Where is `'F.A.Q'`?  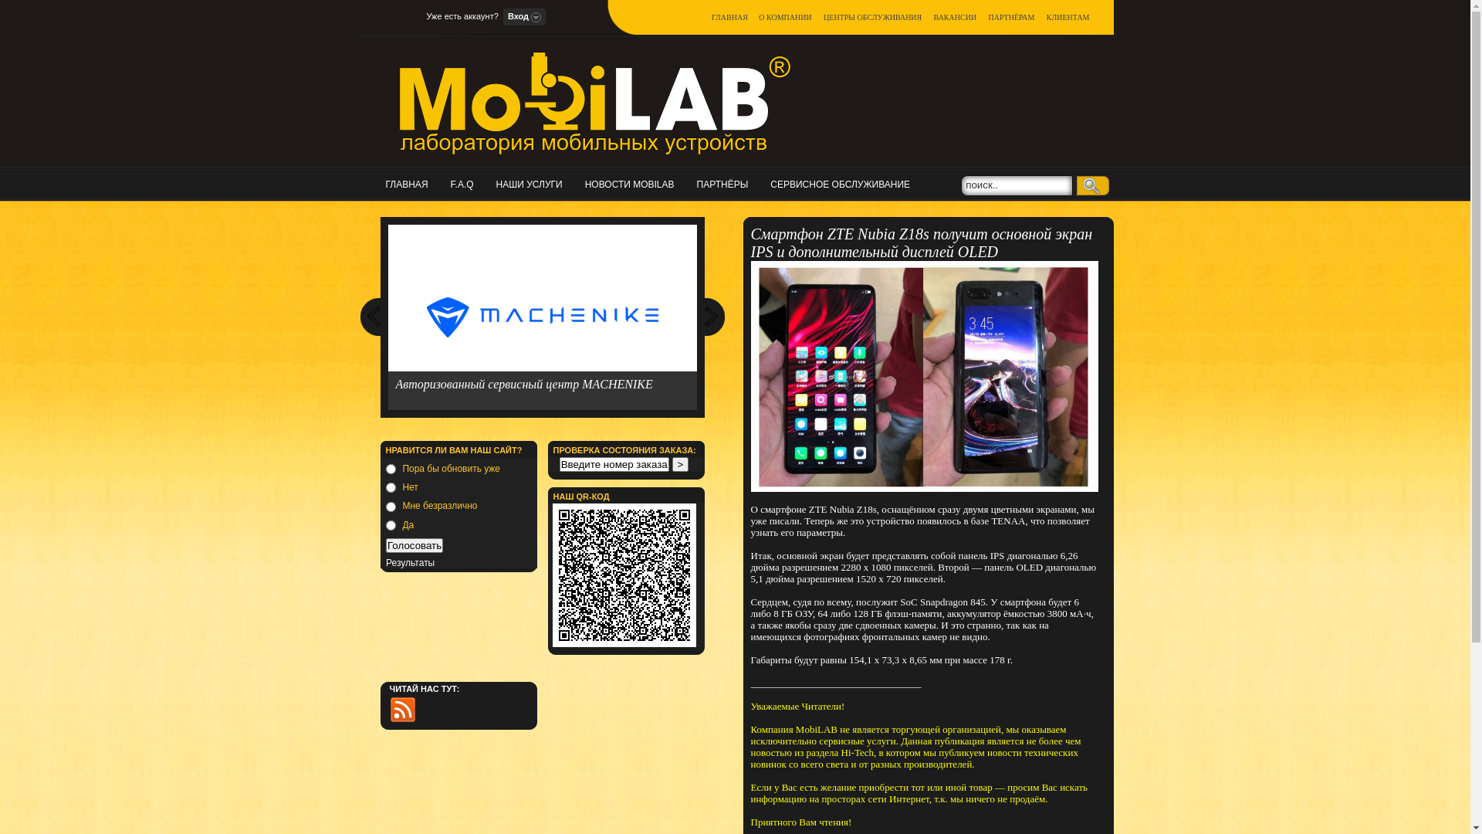
'F.A.Q' is located at coordinates (450, 183).